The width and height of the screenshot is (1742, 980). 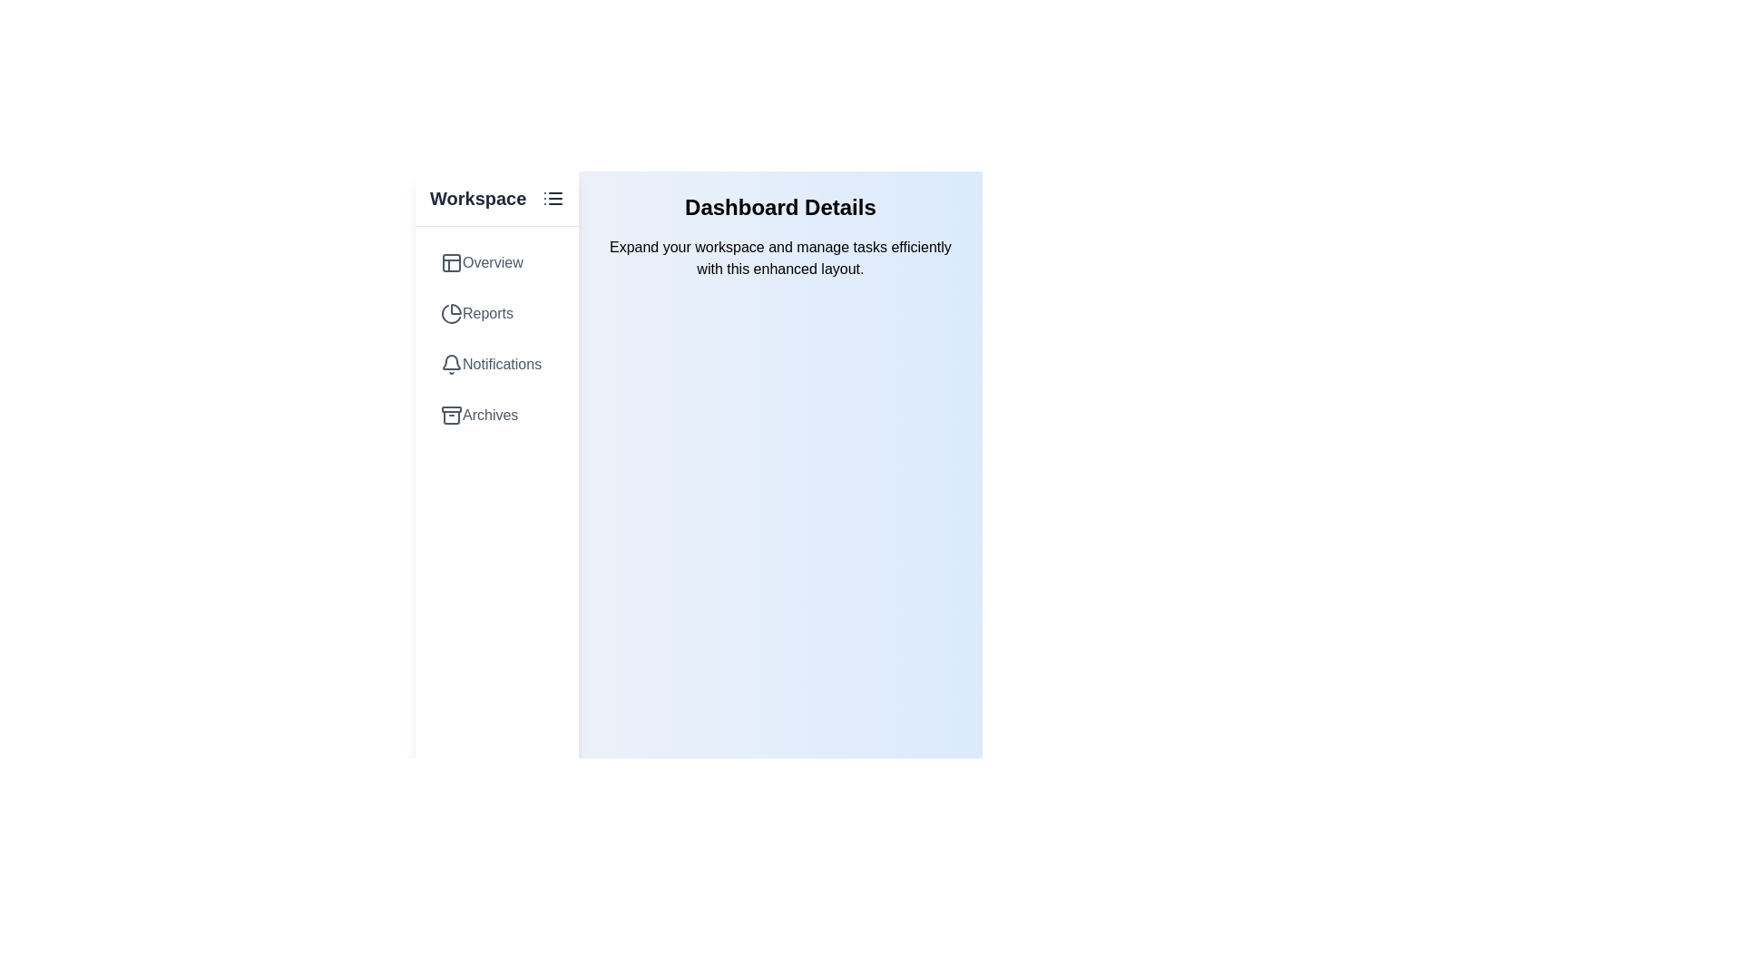 What do you see at coordinates (496, 416) in the screenshot?
I see `the item labeled Archives in the list` at bounding box center [496, 416].